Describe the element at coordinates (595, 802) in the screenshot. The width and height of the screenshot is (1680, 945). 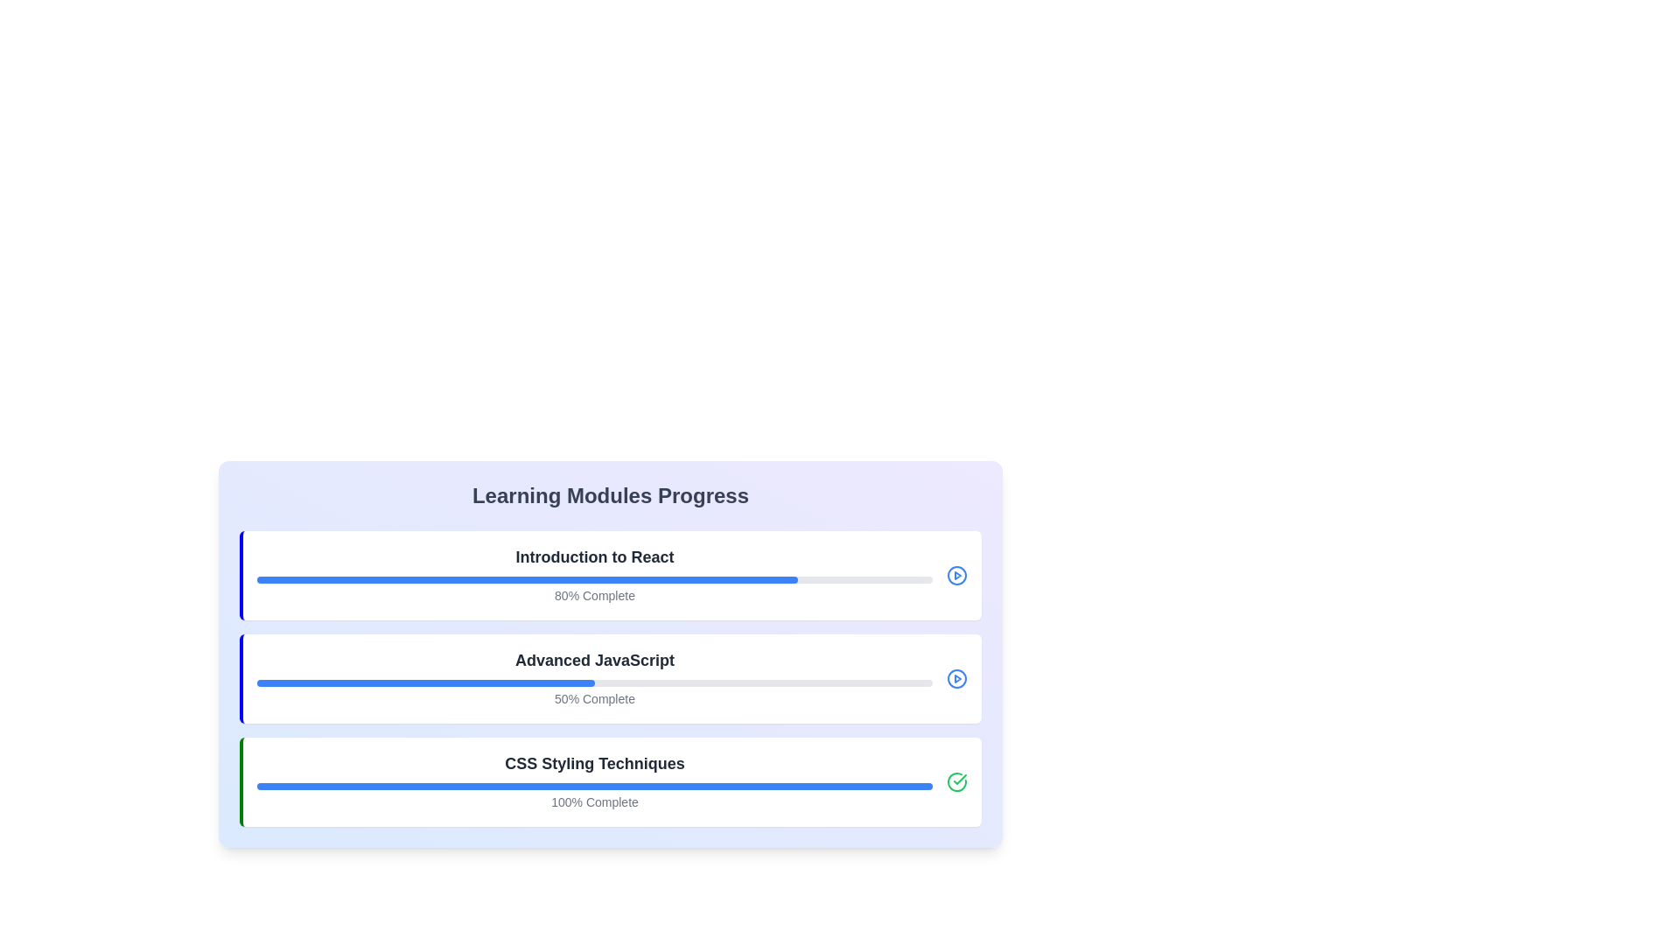
I see `the static text label that reads '100% Complete', which is positioned below the blue progress bar and indicates the completion status of the section titled 'CSS Styling Techniques'` at that location.